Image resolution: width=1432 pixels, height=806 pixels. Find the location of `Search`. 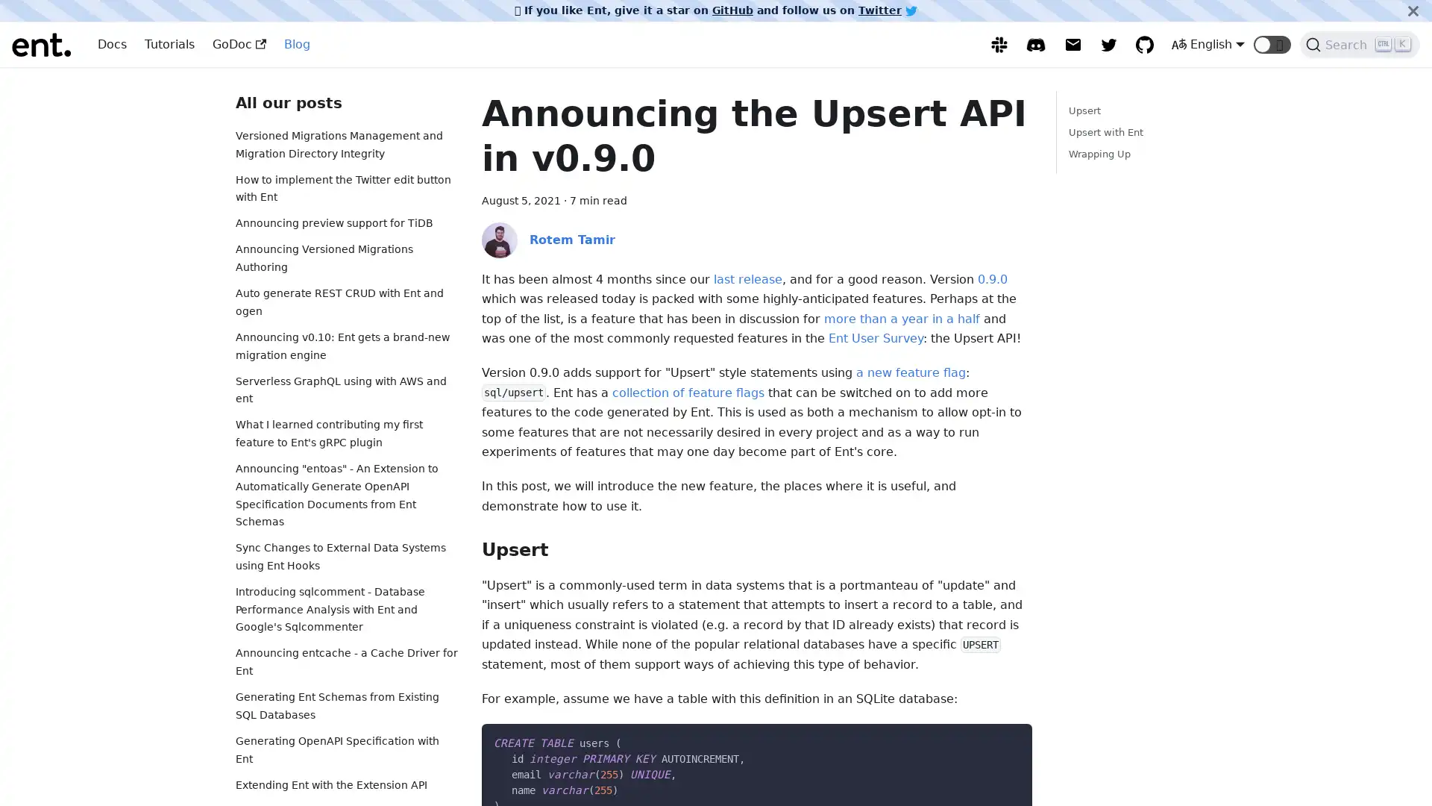

Search is located at coordinates (1360, 44).